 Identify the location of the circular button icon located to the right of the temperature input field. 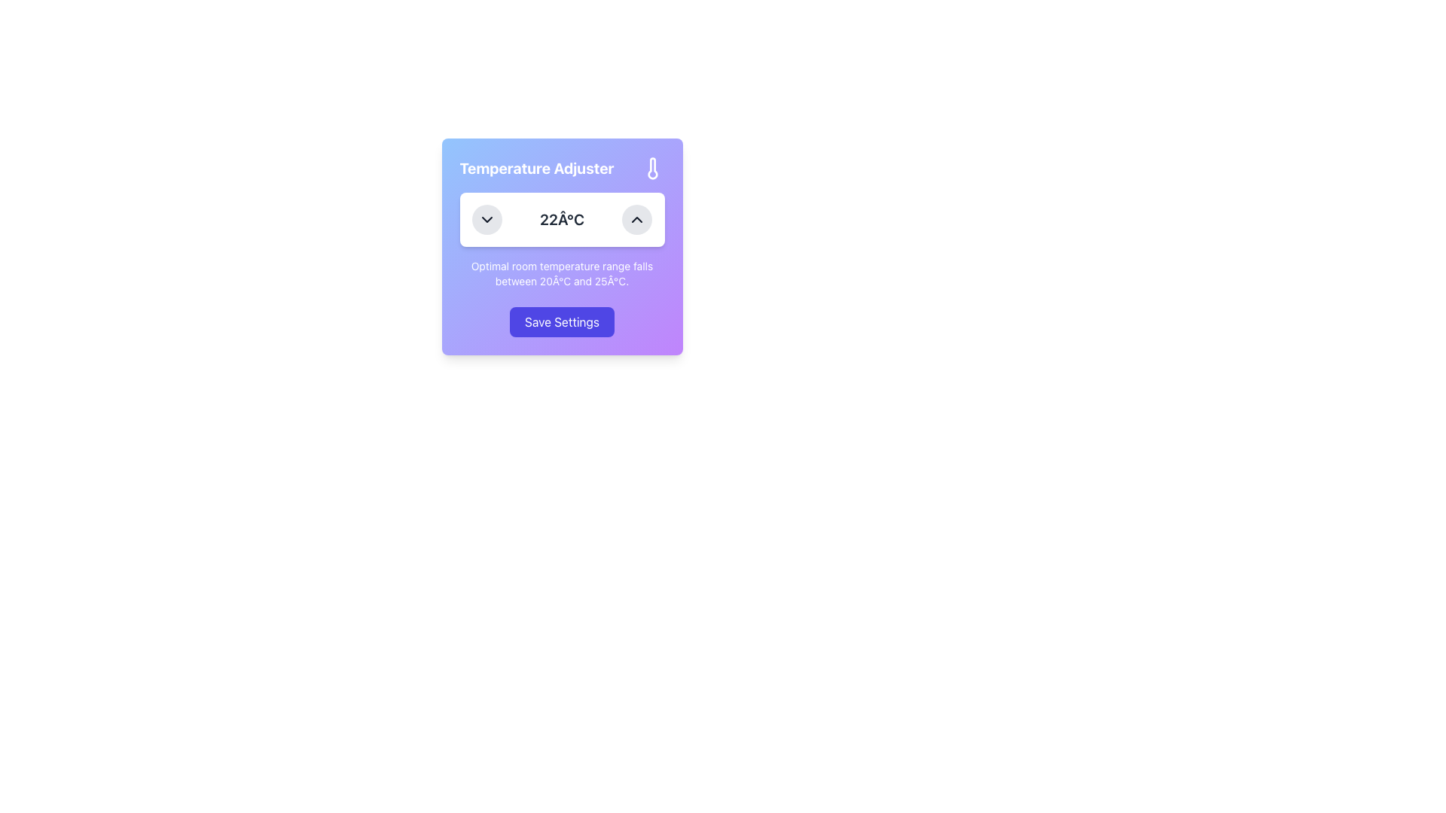
(487, 220).